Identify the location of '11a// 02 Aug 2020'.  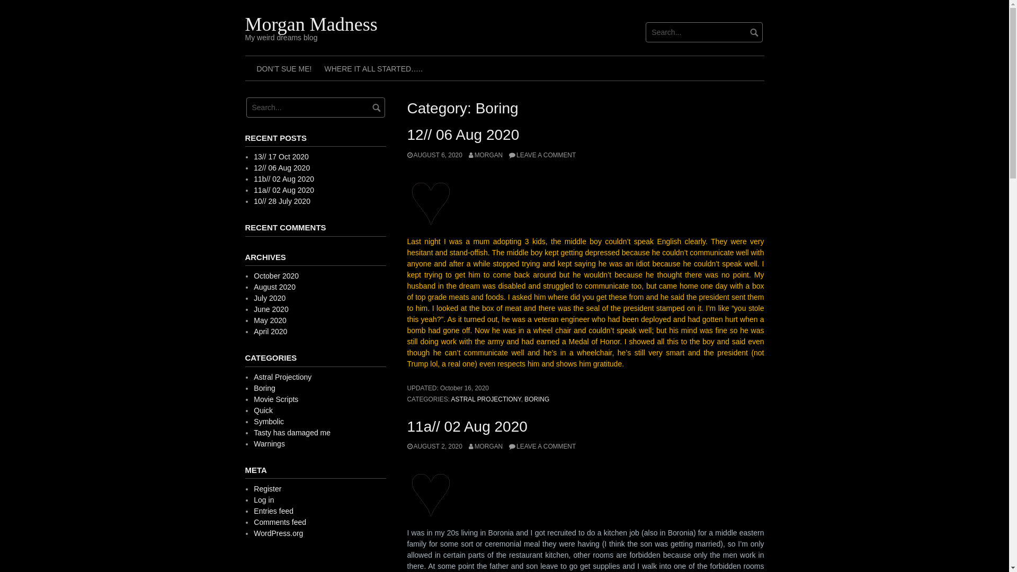
(466, 426).